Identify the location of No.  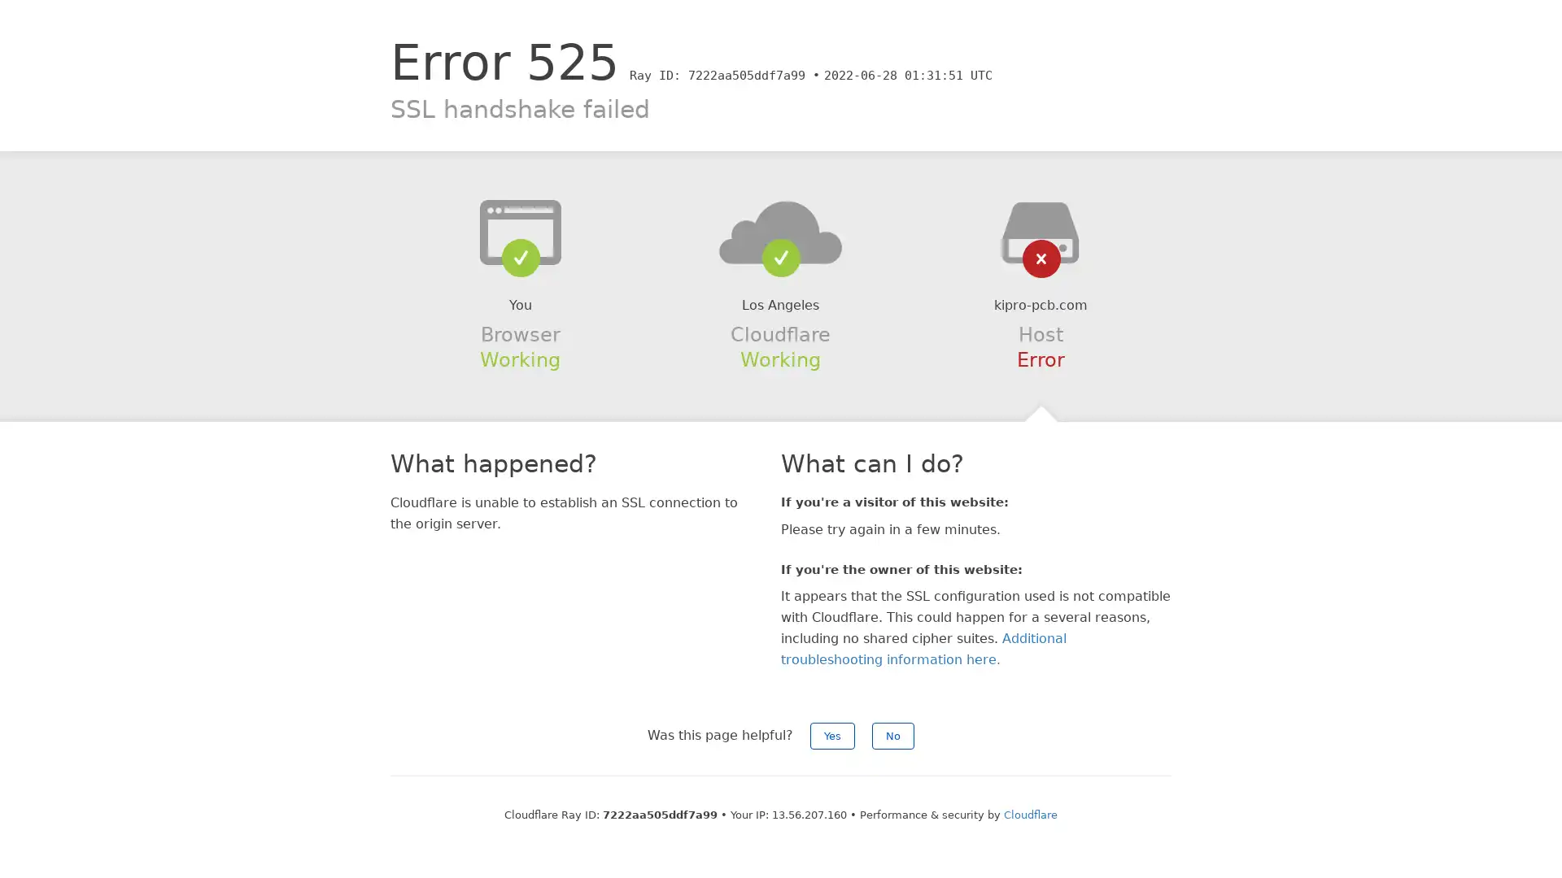
(892, 736).